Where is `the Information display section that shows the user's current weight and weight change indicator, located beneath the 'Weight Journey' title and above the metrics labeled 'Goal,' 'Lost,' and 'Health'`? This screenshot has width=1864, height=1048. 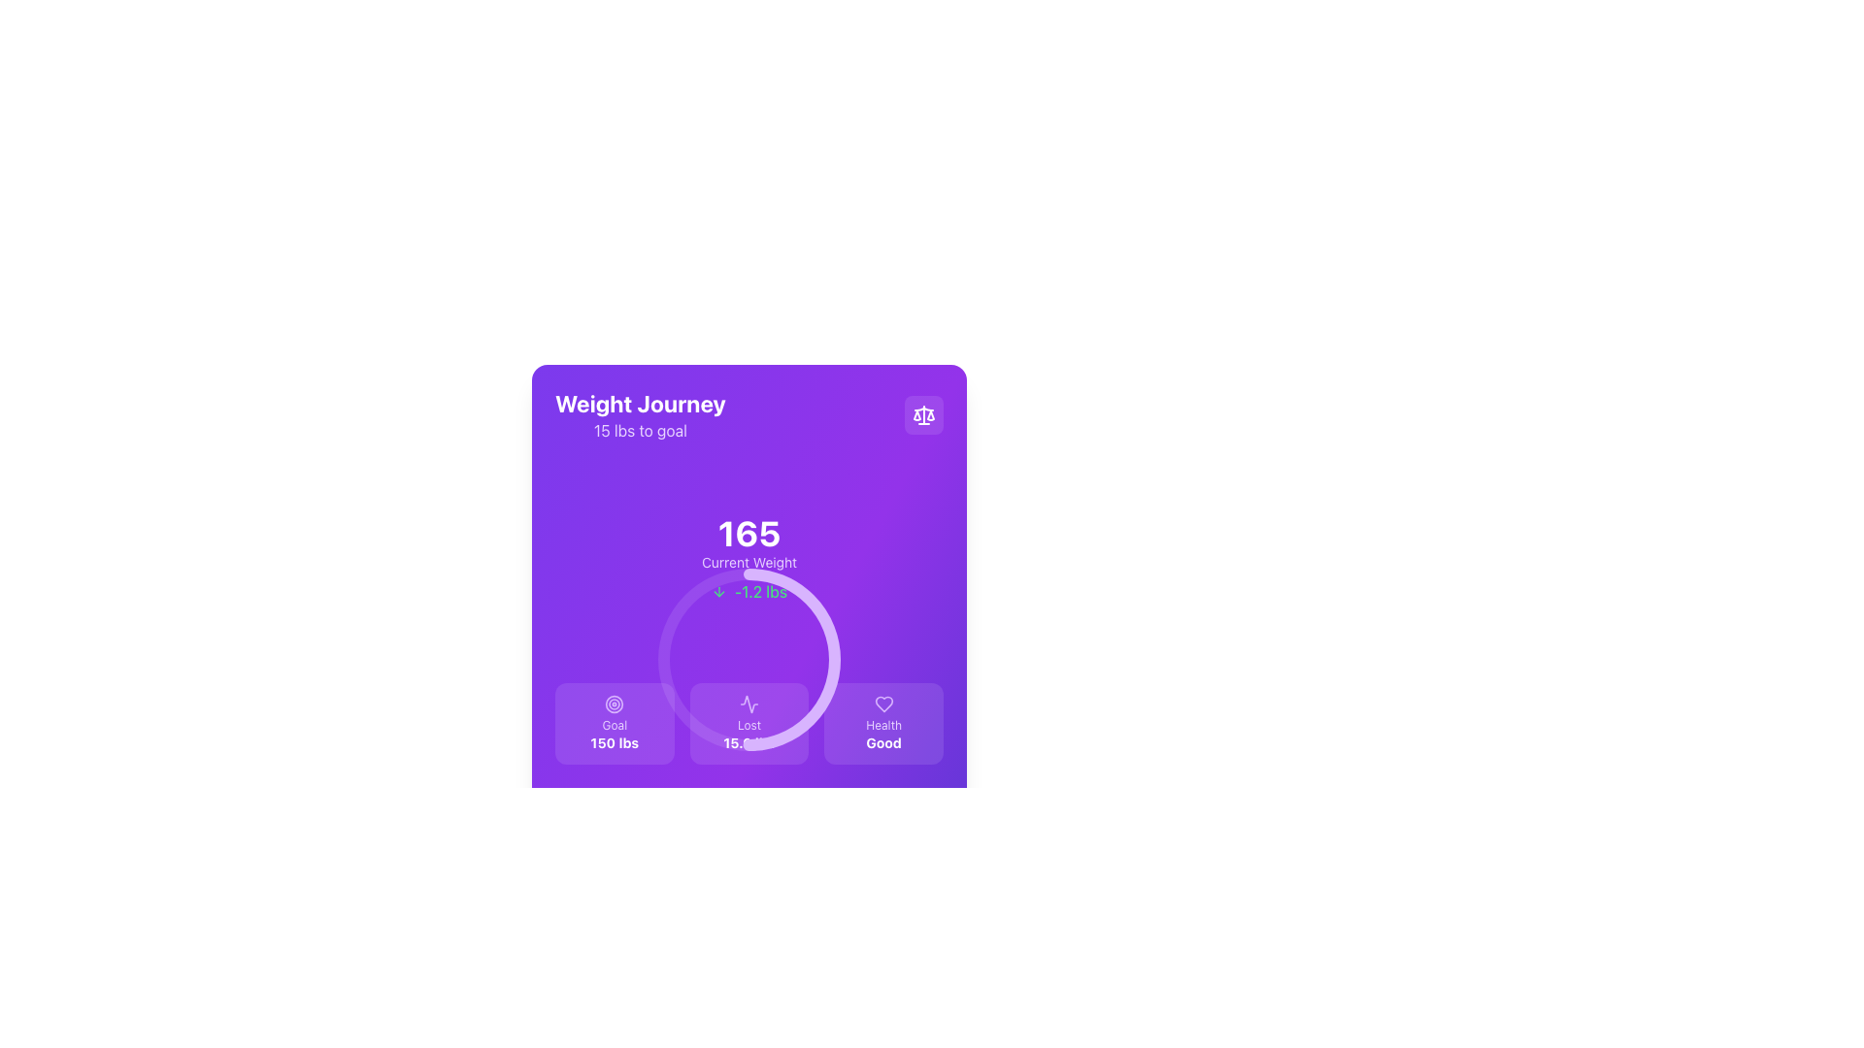
the Information display section that shows the user's current weight and weight change indicator, located beneath the 'Weight Journey' title and above the metrics labeled 'Goal,' 'Lost,' and 'Health' is located at coordinates (749, 558).